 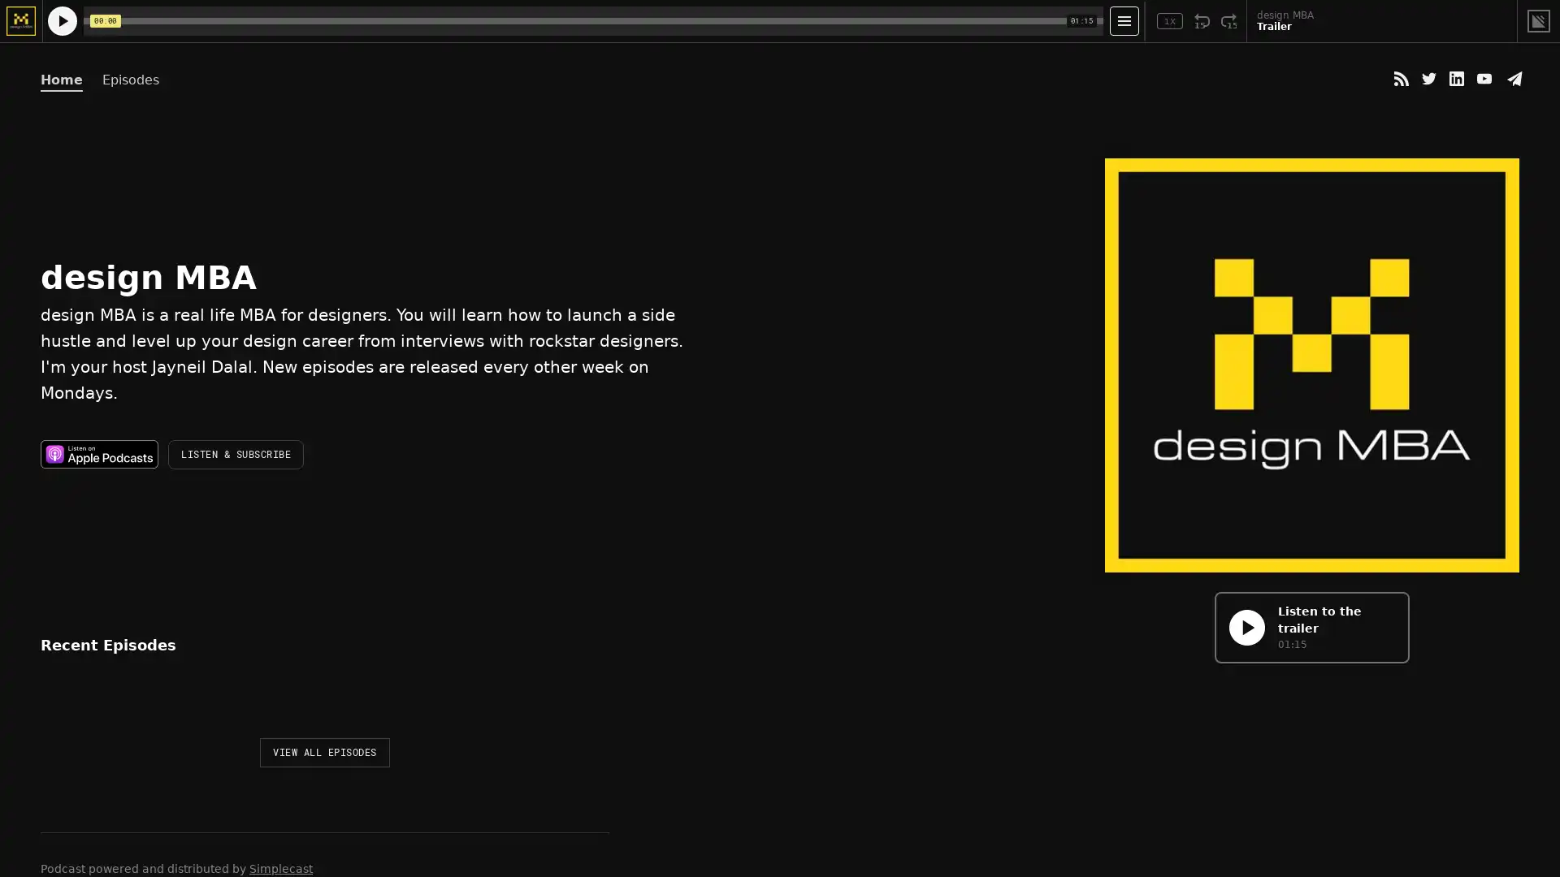 What do you see at coordinates (59, 712) in the screenshot?
I see `Play` at bounding box center [59, 712].